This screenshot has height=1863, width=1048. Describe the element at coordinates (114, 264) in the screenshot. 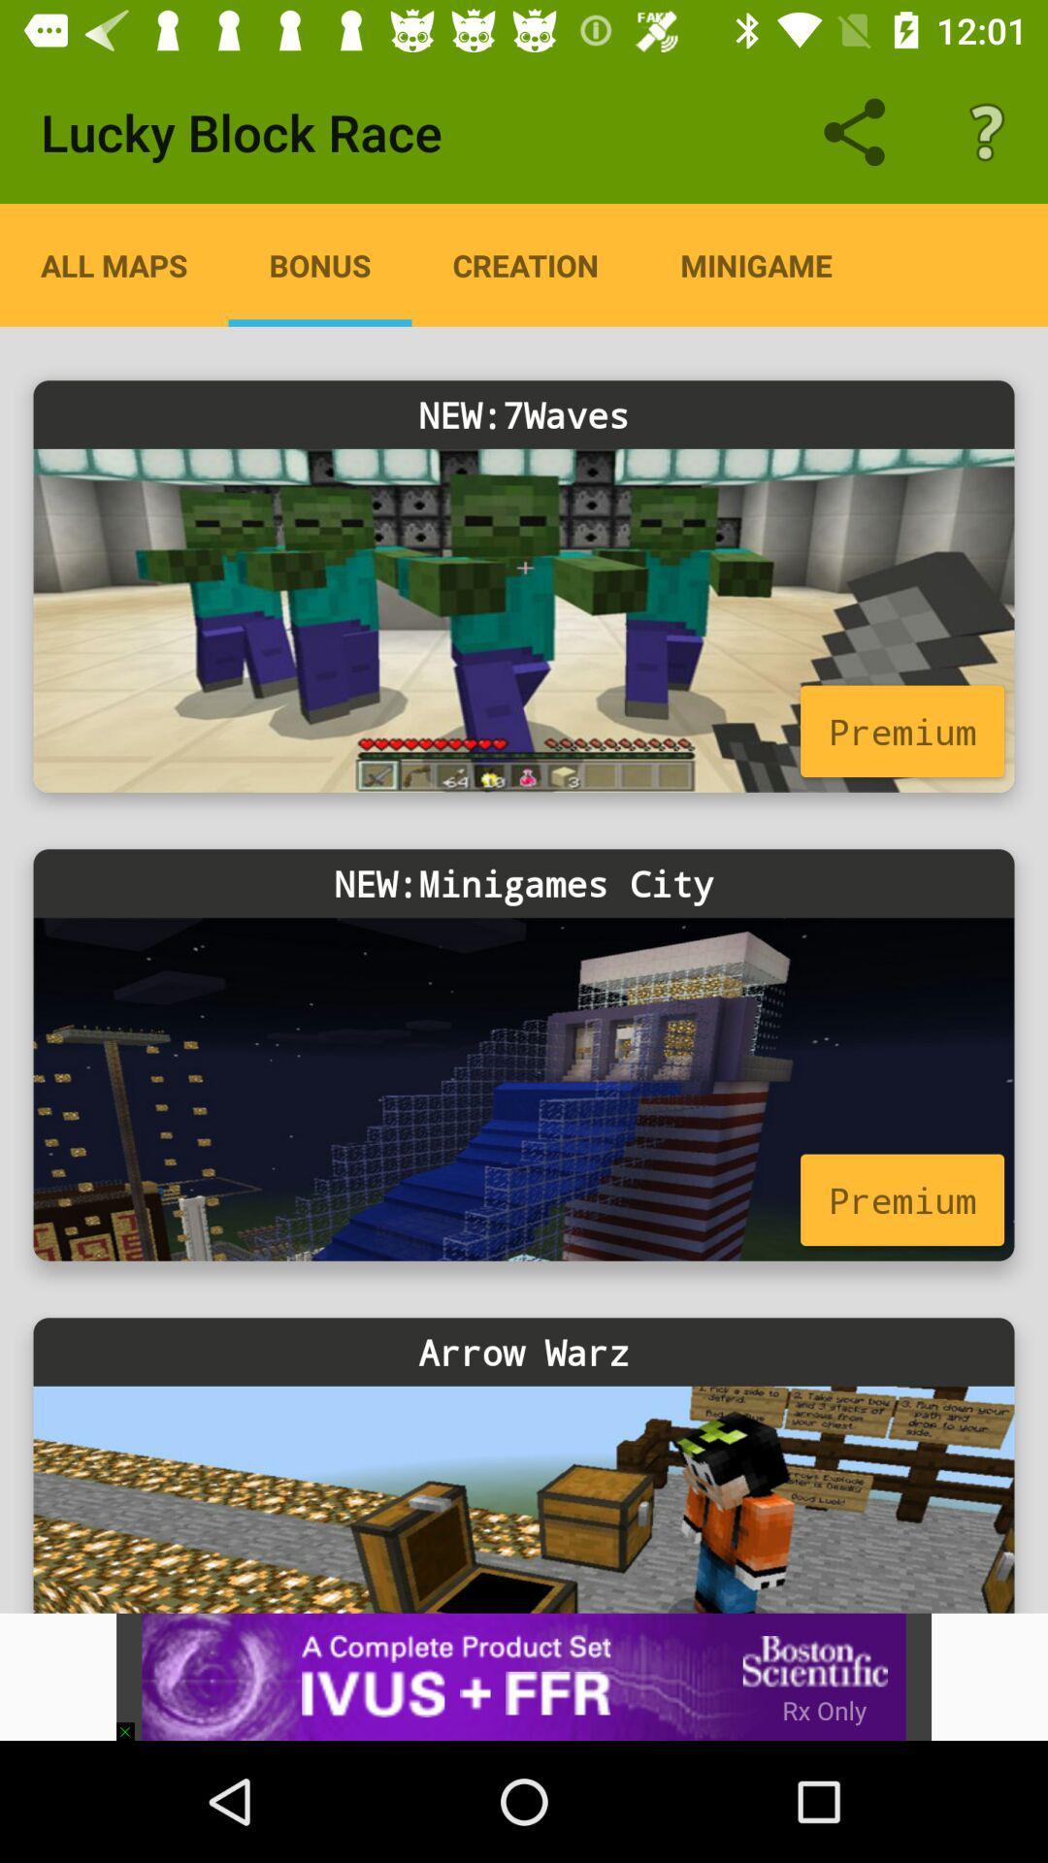

I see `the item below the lucky block race icon` at that location.